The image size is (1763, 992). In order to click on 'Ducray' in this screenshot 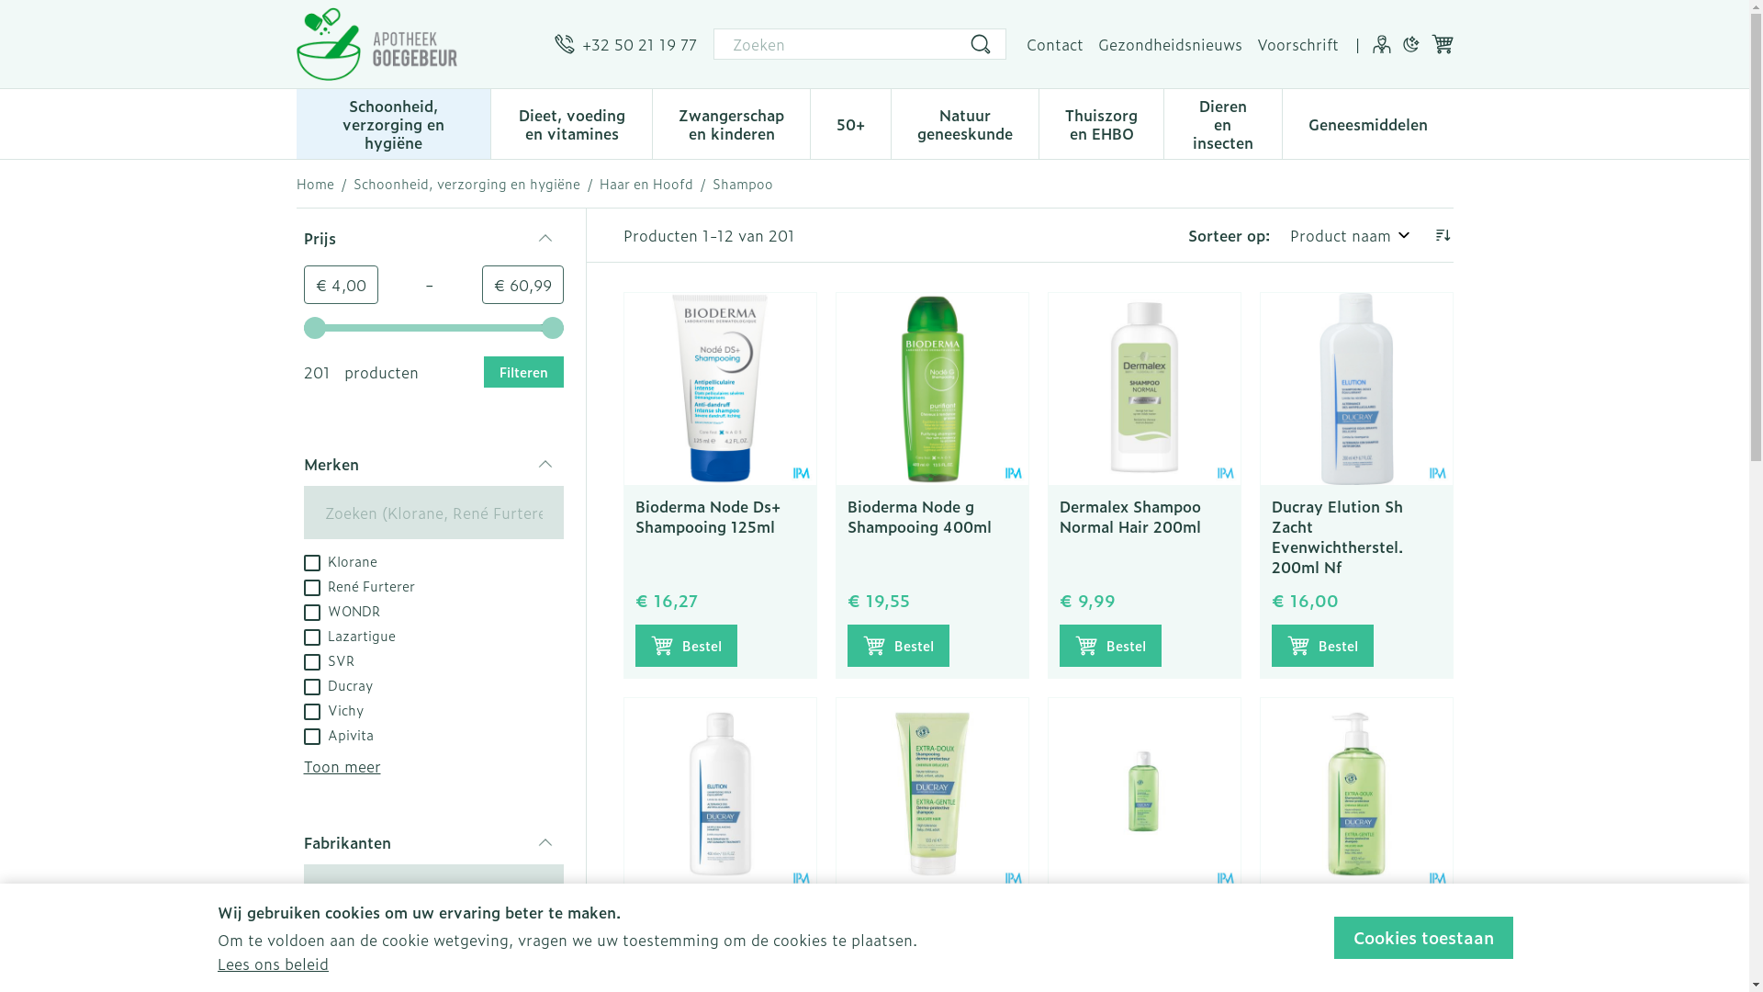, I will do `click(303, 683)`.